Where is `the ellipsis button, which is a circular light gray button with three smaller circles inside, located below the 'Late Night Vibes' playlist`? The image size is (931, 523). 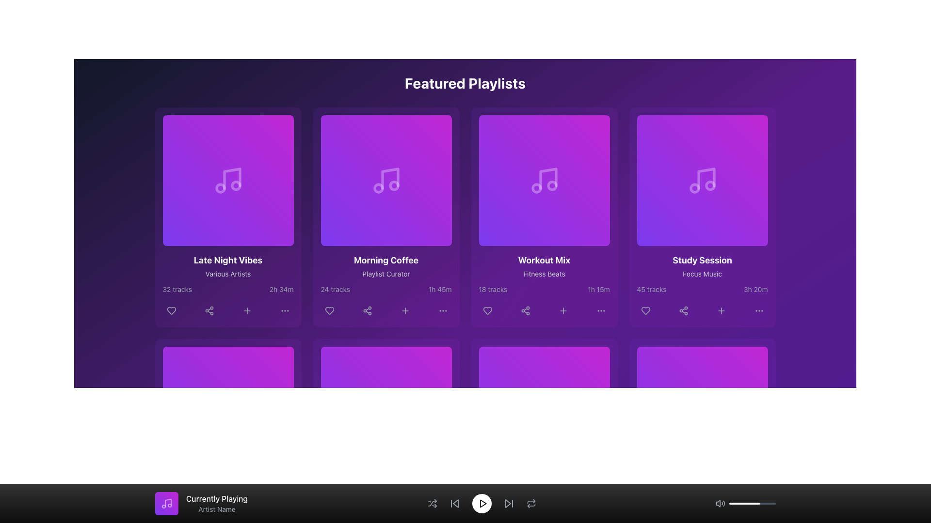
the ellipsis button, which is a circular light gray button with three smaller circles inside, located below the 'Late Night Vibes' playlist is located at coordinates (284, 310).